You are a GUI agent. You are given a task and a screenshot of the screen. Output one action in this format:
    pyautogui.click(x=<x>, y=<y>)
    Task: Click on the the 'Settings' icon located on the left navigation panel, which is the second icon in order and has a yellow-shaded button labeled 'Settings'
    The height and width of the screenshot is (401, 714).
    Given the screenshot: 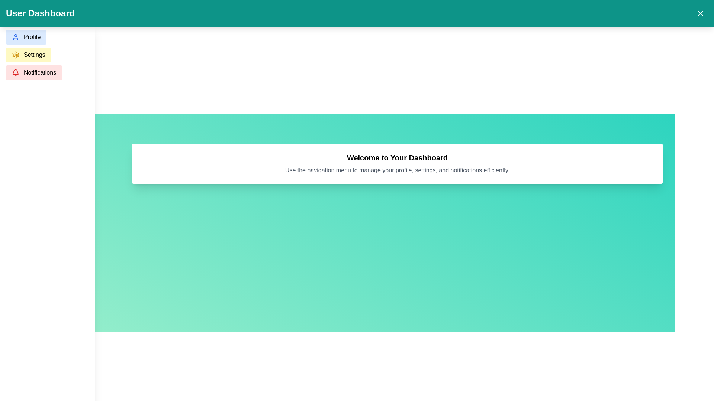 What is the action you would take?
    pyautogui.click(x=16, y=54)
    